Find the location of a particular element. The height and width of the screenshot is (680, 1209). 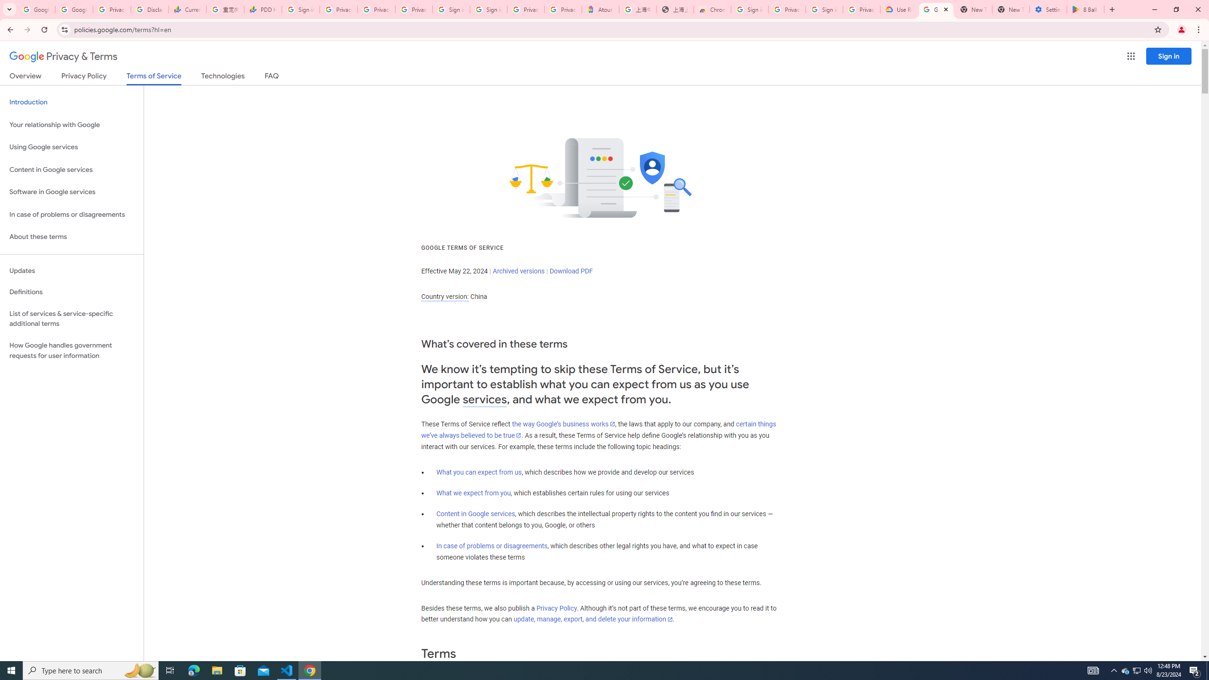

'Software in Google services' is located at coordinates (71, 191).